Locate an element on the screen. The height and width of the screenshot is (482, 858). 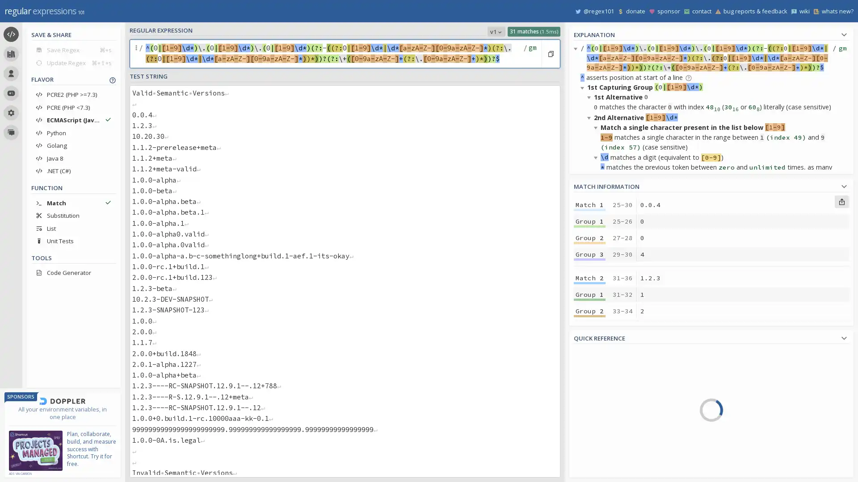
Group 3 is located at coordinates (589, 254).